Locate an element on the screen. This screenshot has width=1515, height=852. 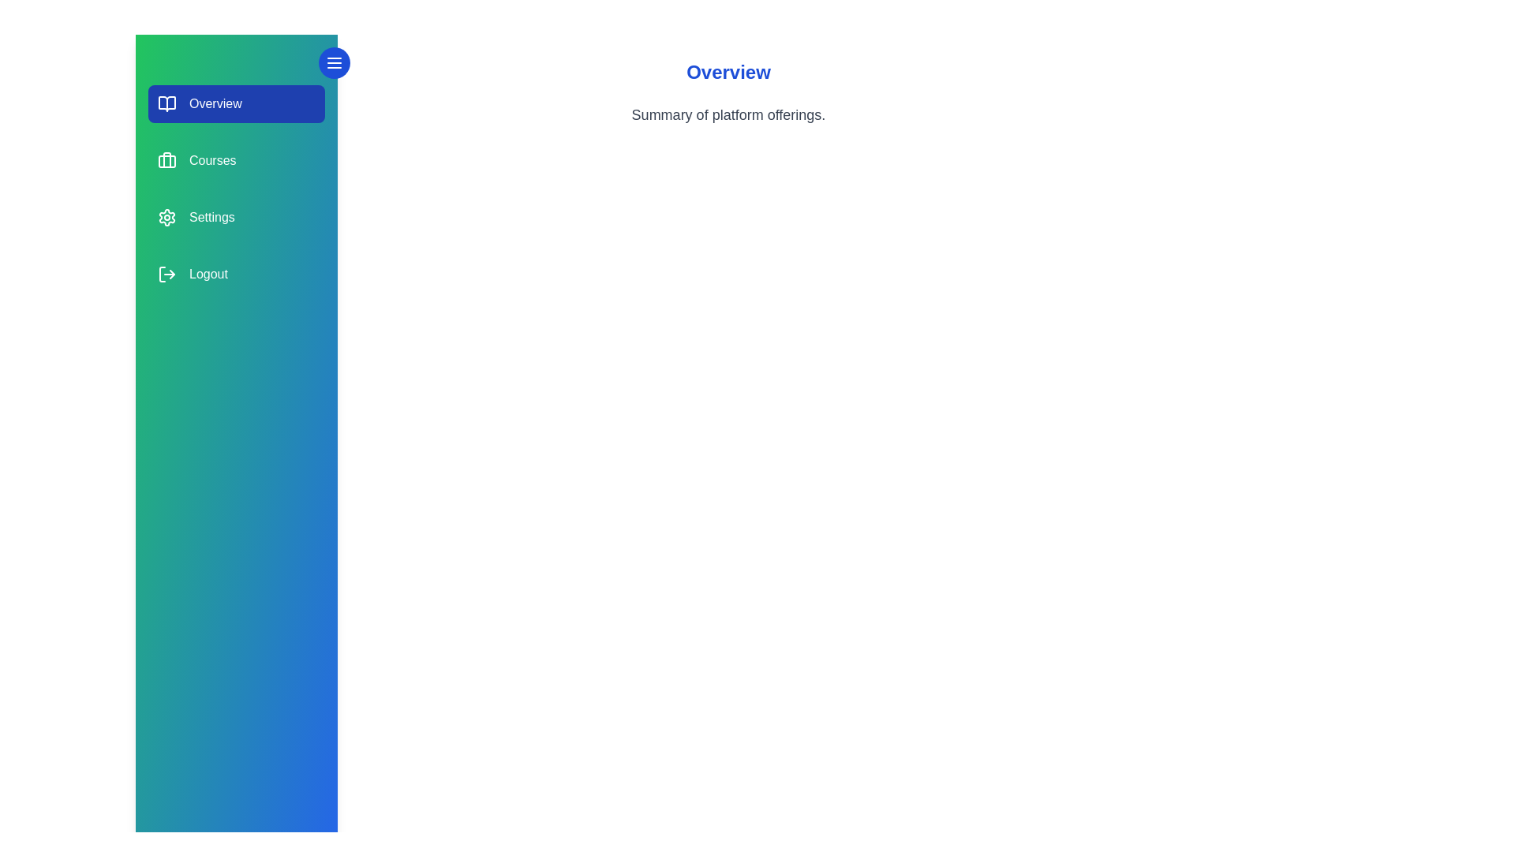
menu button to toggle the drawer is located at coordinates (333, 62).